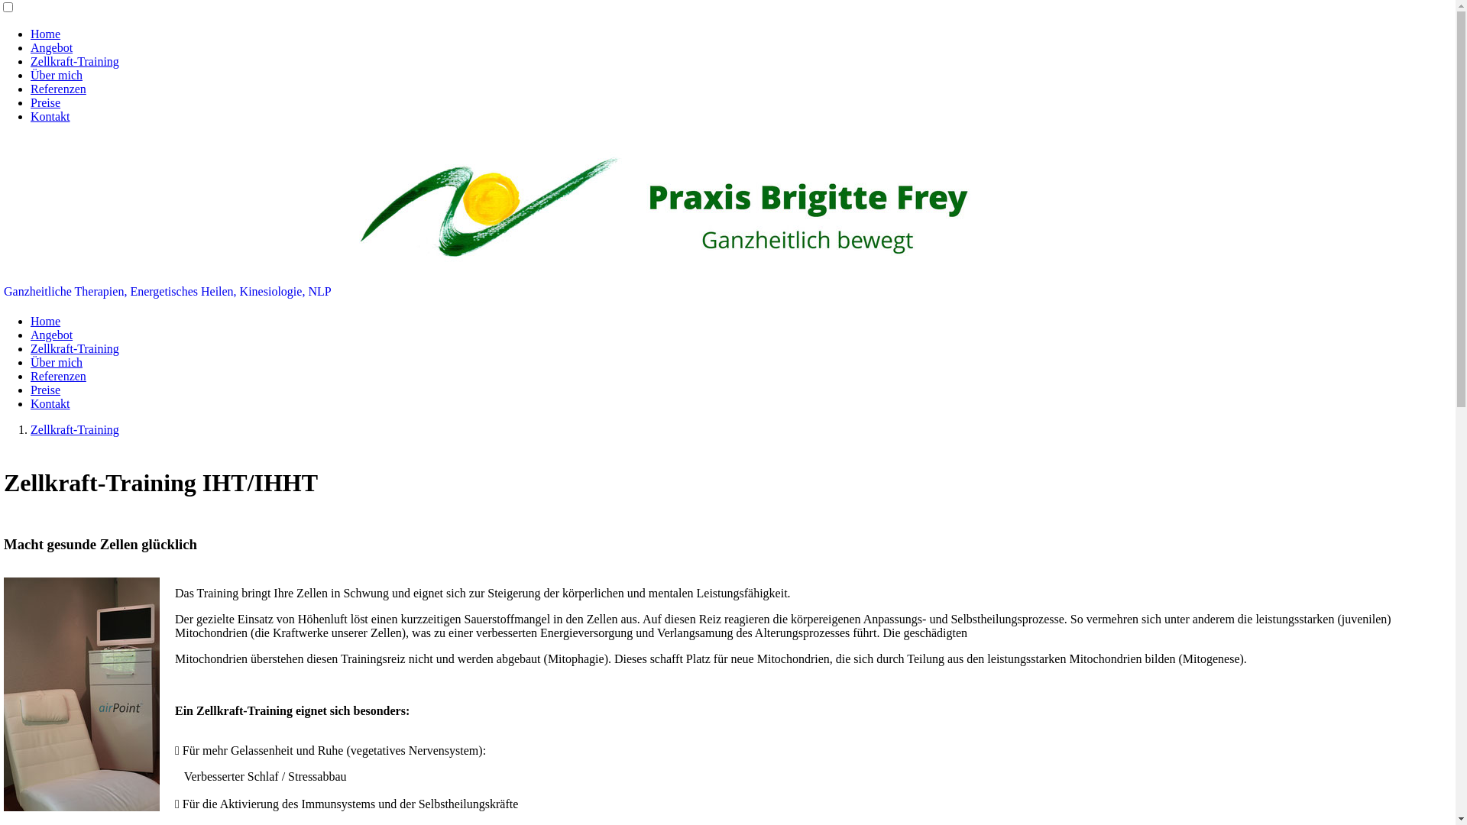 Image resolution: width=1467 pixels, height=825 pixels. I want to click on 'Angebot', so click(51, 47).